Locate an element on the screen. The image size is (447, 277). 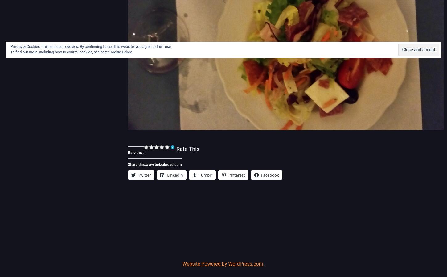
'Privacy & Cookies: This site uses cookies. By continuing to use this website, you agree to their use.' is located at coordinates (91, 46).